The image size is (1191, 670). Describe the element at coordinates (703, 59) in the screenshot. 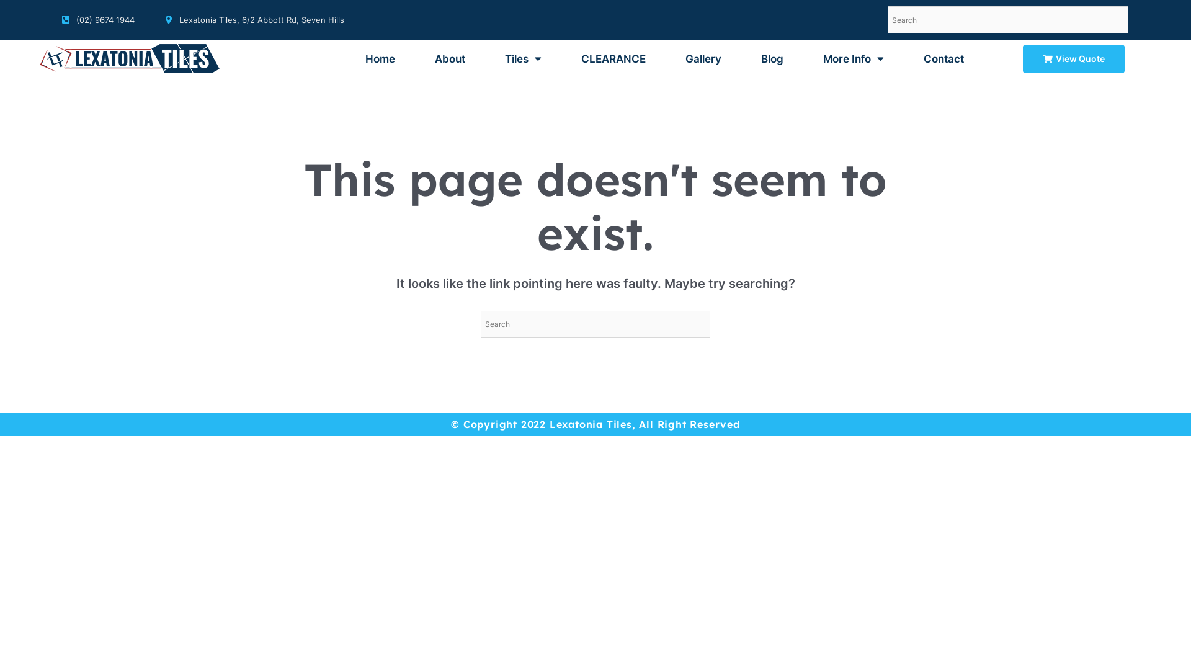

I see `'Gallery'` at that location.